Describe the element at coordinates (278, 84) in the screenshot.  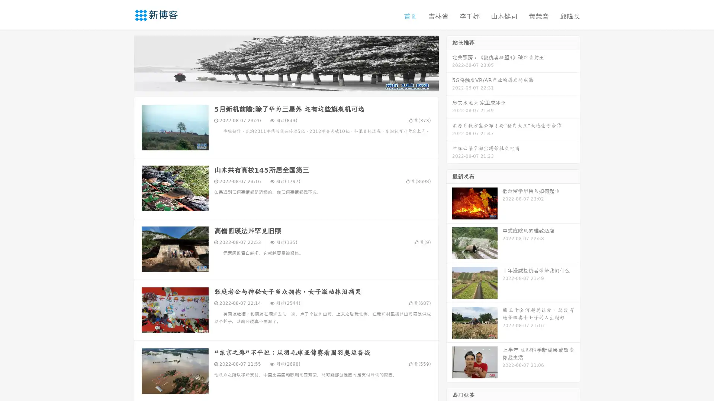
I see `Go to slide 1` at that location.